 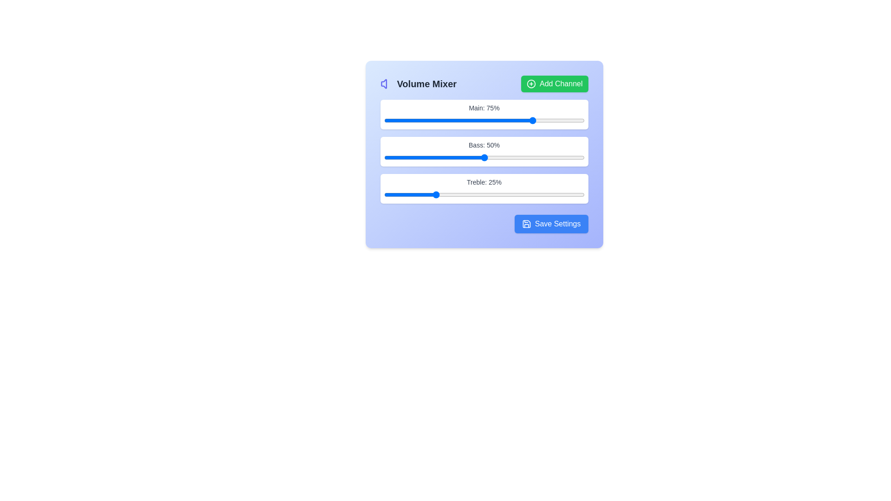 What do you see at coordinates (404, 157) in the screenshot?
I see `the bass level` at bounding box center [404, 157].